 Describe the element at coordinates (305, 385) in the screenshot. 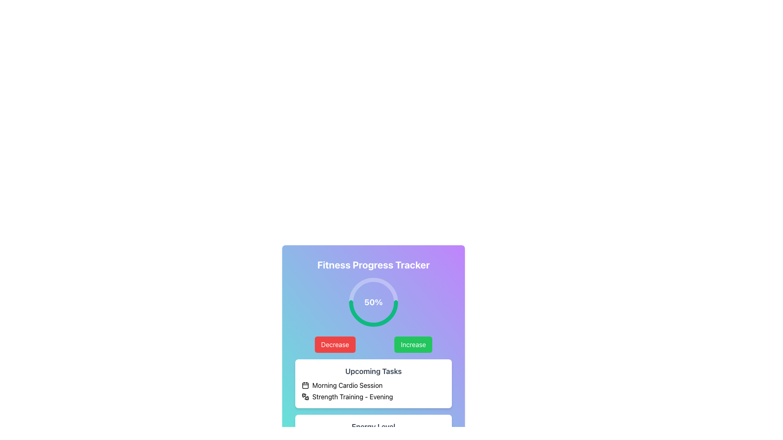

I see `the central graphical SVG rectangle of the calendar icon, which visually represents dates or scheduling, located near the 'Upcoming Tasks' header` at that location.